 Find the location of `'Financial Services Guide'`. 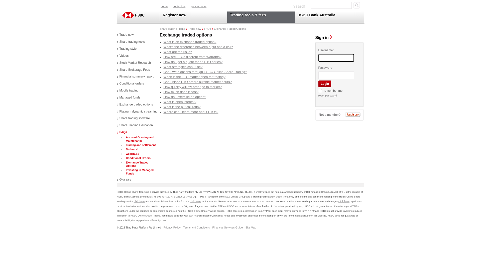

'Financial Services Guide' is located at coordinates (227, 227).